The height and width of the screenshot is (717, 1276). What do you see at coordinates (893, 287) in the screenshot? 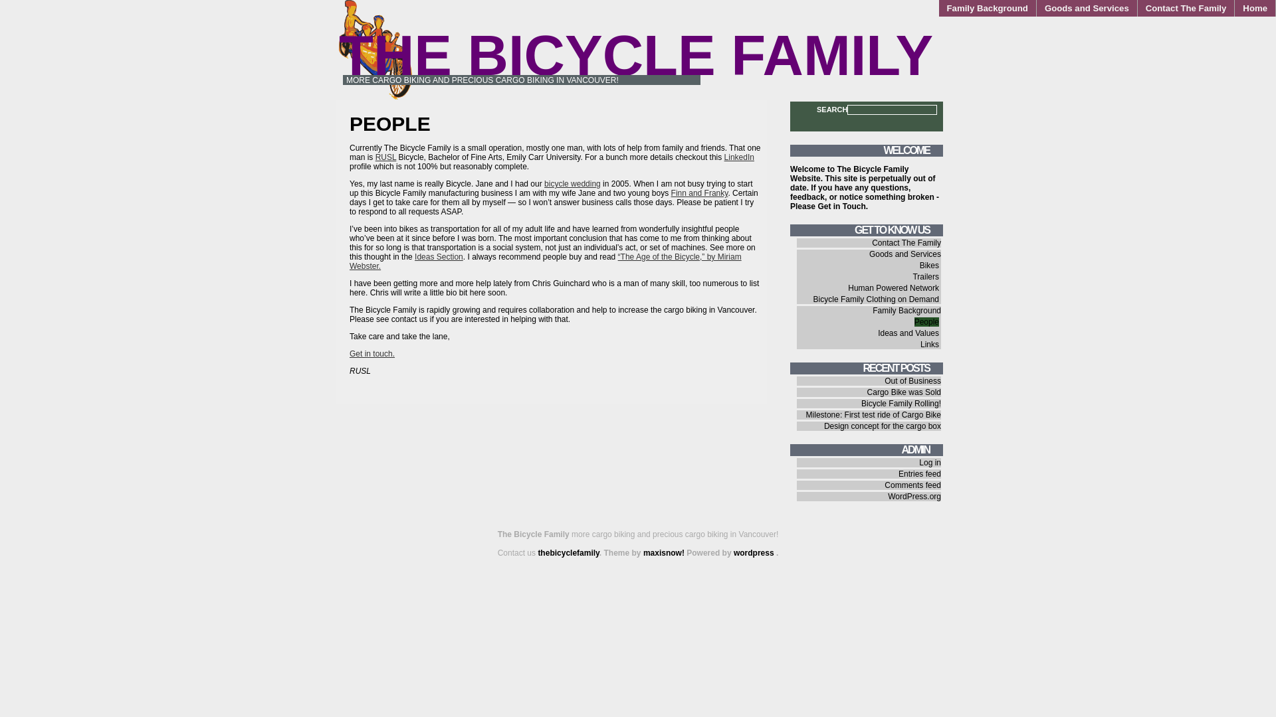
I see `'Human Powered Network'` at bounding box center [893, 287].